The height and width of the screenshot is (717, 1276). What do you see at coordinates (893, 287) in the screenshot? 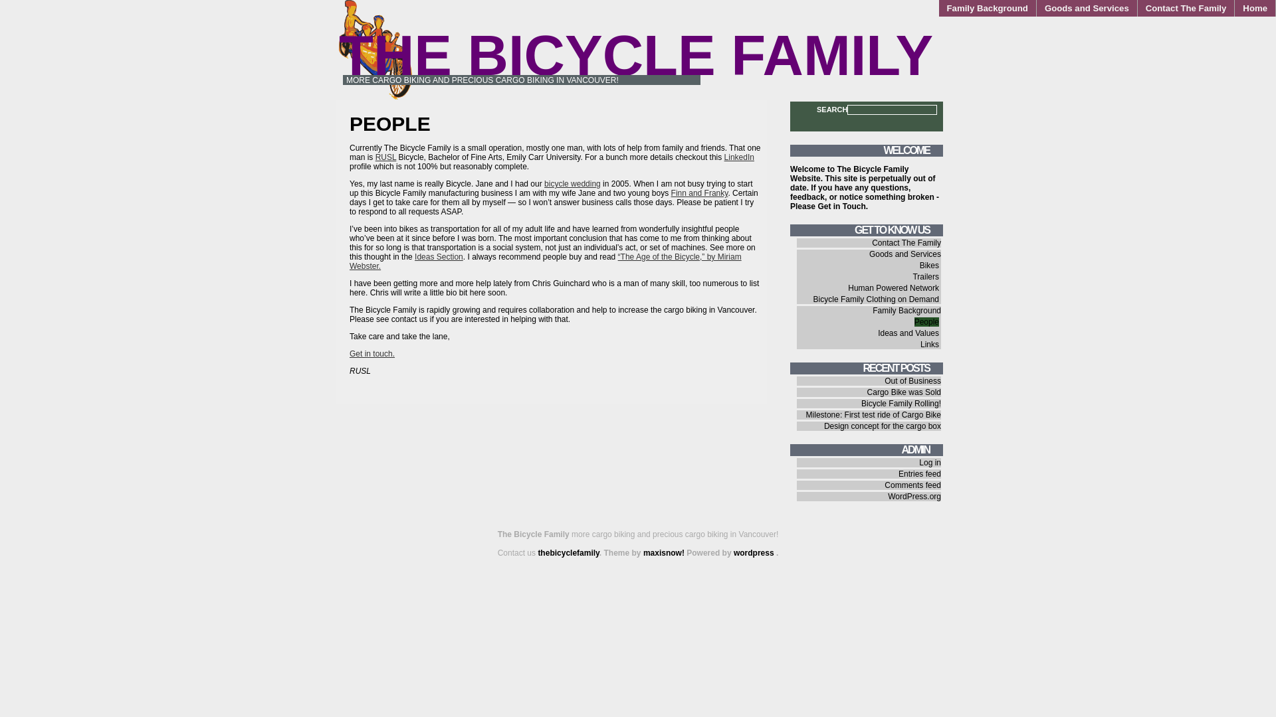
I see `'Human Powered Network'` at bounding box center [893, 287].